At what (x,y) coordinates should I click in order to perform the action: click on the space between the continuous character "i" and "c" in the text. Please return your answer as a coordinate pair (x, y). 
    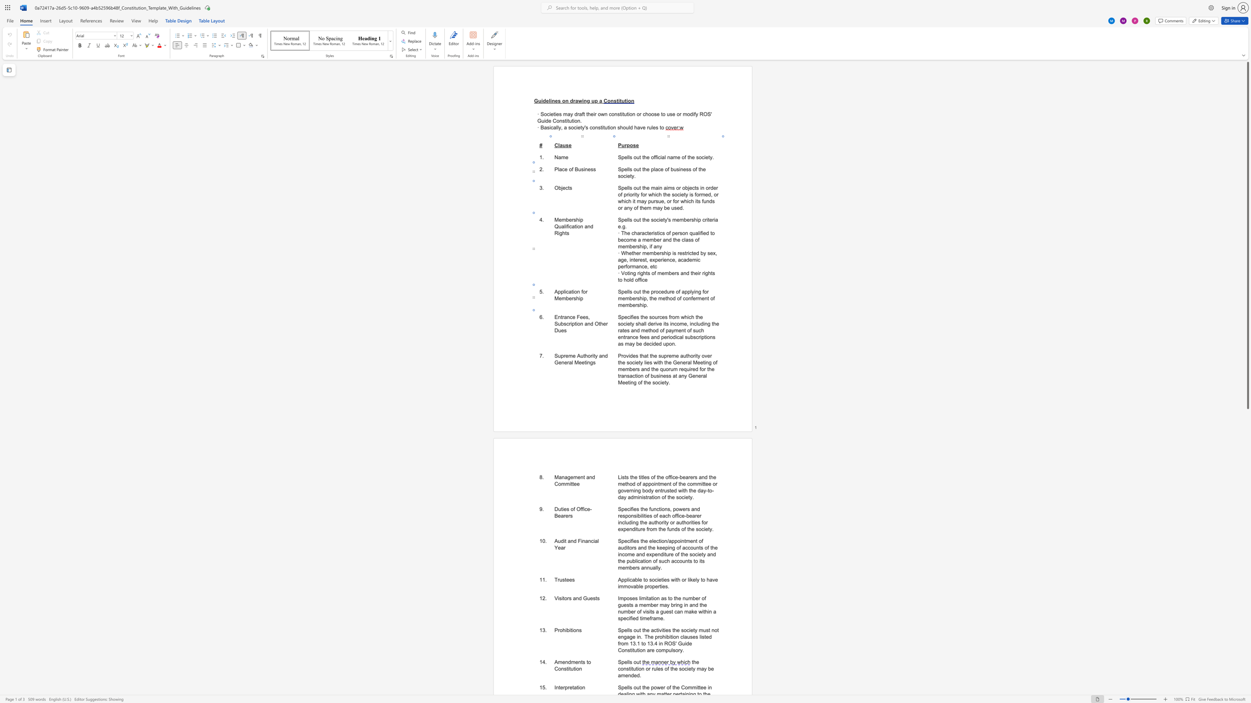
    Looking at the image, I should click on (629, 579).